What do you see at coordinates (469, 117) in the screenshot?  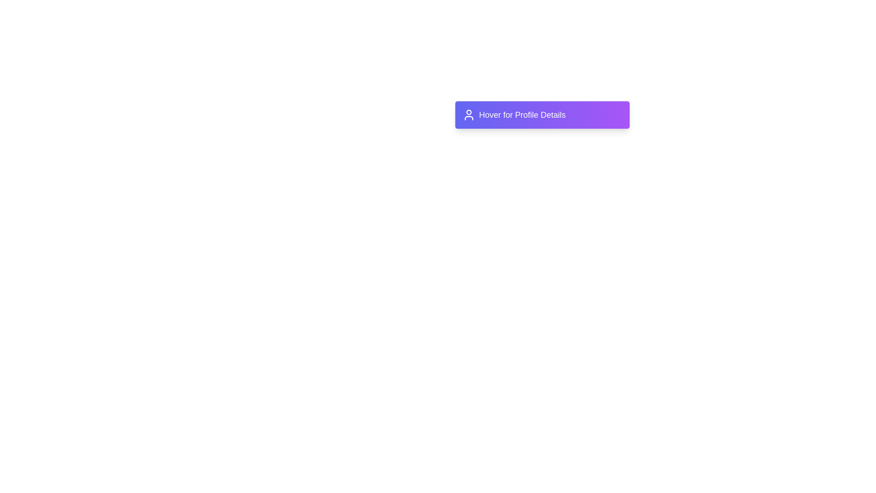 I see `the body part of the user icon, which is a rounded bottom rectangle located centrally beneath the circular head in the SVG graphic` at bounding box center [469, 117].